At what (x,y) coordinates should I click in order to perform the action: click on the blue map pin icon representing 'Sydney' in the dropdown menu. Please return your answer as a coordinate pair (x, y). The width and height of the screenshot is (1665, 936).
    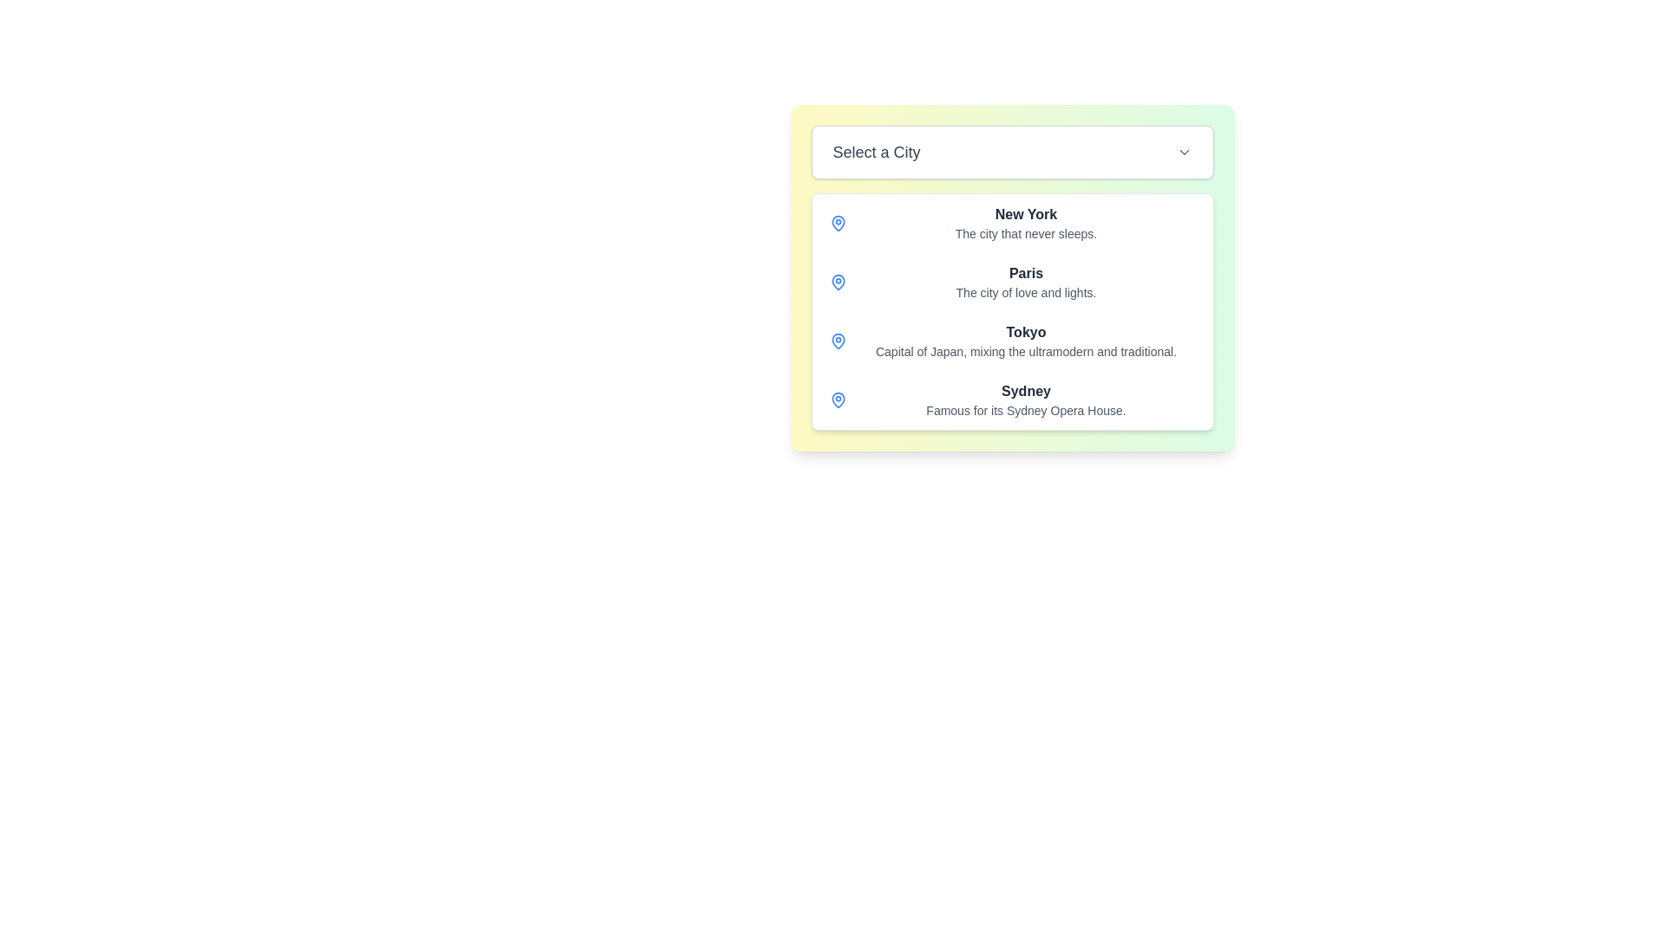
    Looking at the image, I should click on (838, 400).